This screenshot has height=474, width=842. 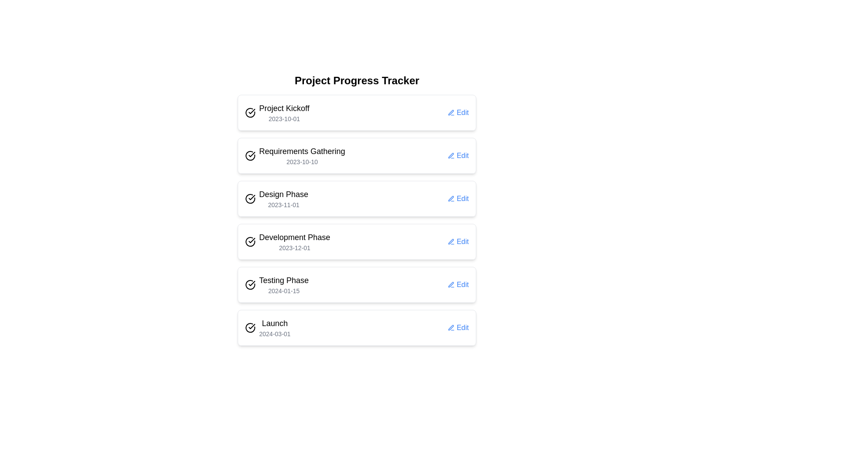 I want to click on the text block displaying 'Project Kickoff' with the date '2023-10-01', which is the first item in the project phases list under 'Project Progress Tracker', so click(x=284, y=112).